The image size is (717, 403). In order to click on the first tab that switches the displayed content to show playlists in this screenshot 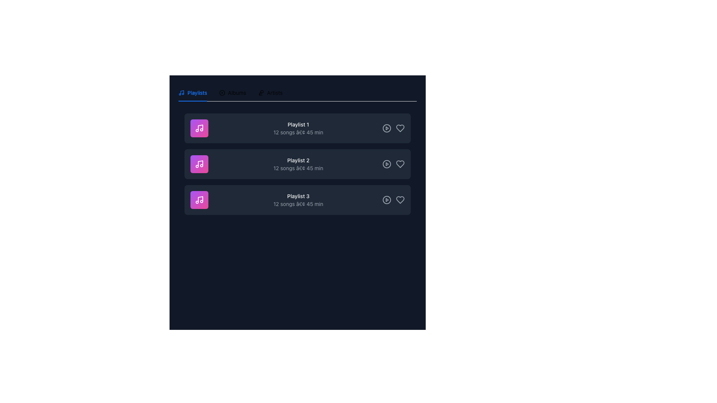, I will do `click(193, 93)`.